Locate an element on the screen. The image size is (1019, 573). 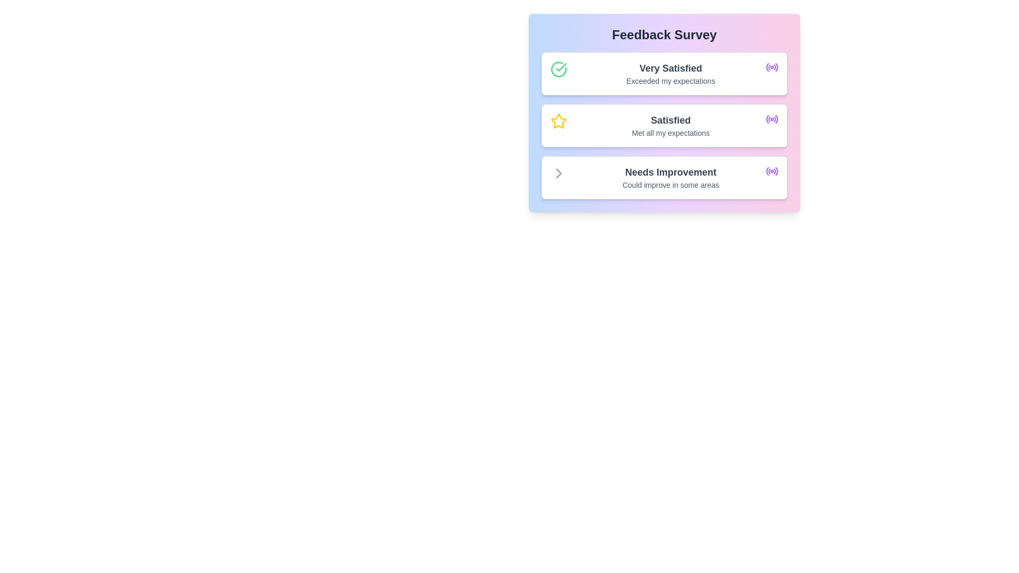
the third selectable card in the Feedback Survey titled 'Needs Improvement' is located at coordinates (664, 177).